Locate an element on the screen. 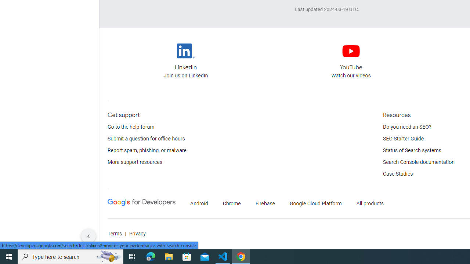 The width and height of the screenshot is (470, 264). 'Go to the help forum' is located at coordinates (131, 127).